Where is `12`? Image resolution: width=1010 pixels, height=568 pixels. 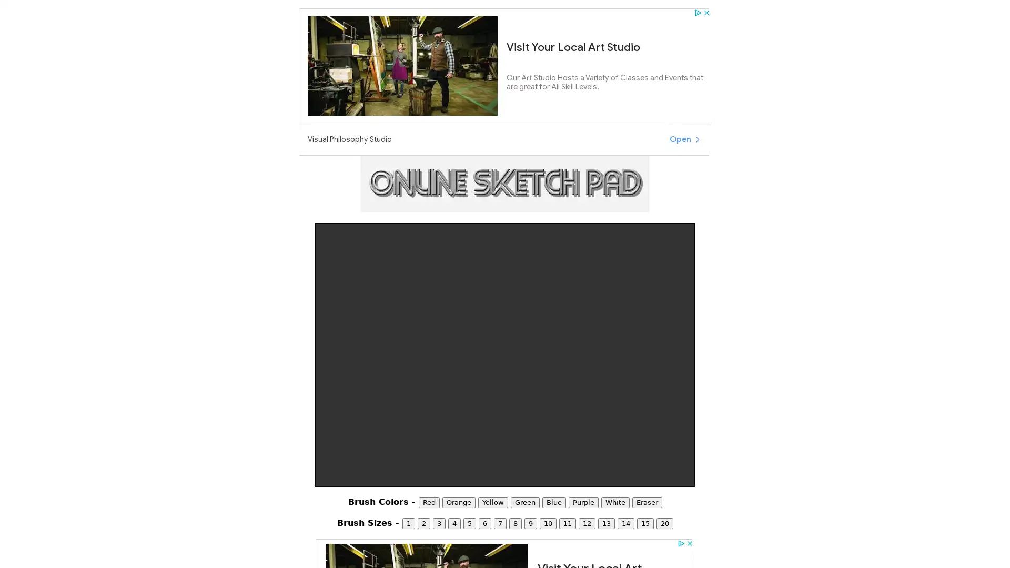 12 is located at coordinates (585, 523).